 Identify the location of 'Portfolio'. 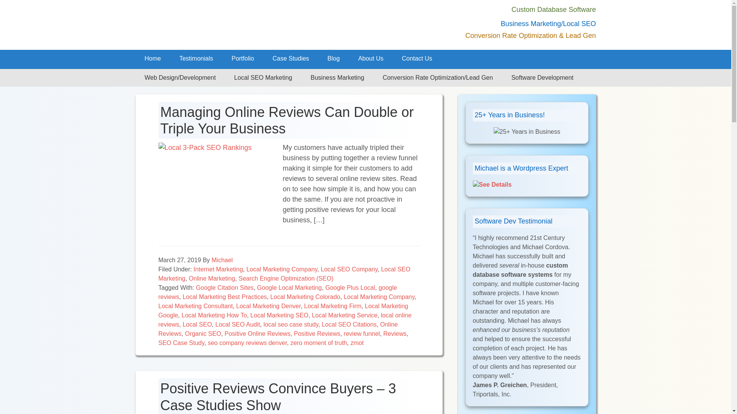
(222, 58).